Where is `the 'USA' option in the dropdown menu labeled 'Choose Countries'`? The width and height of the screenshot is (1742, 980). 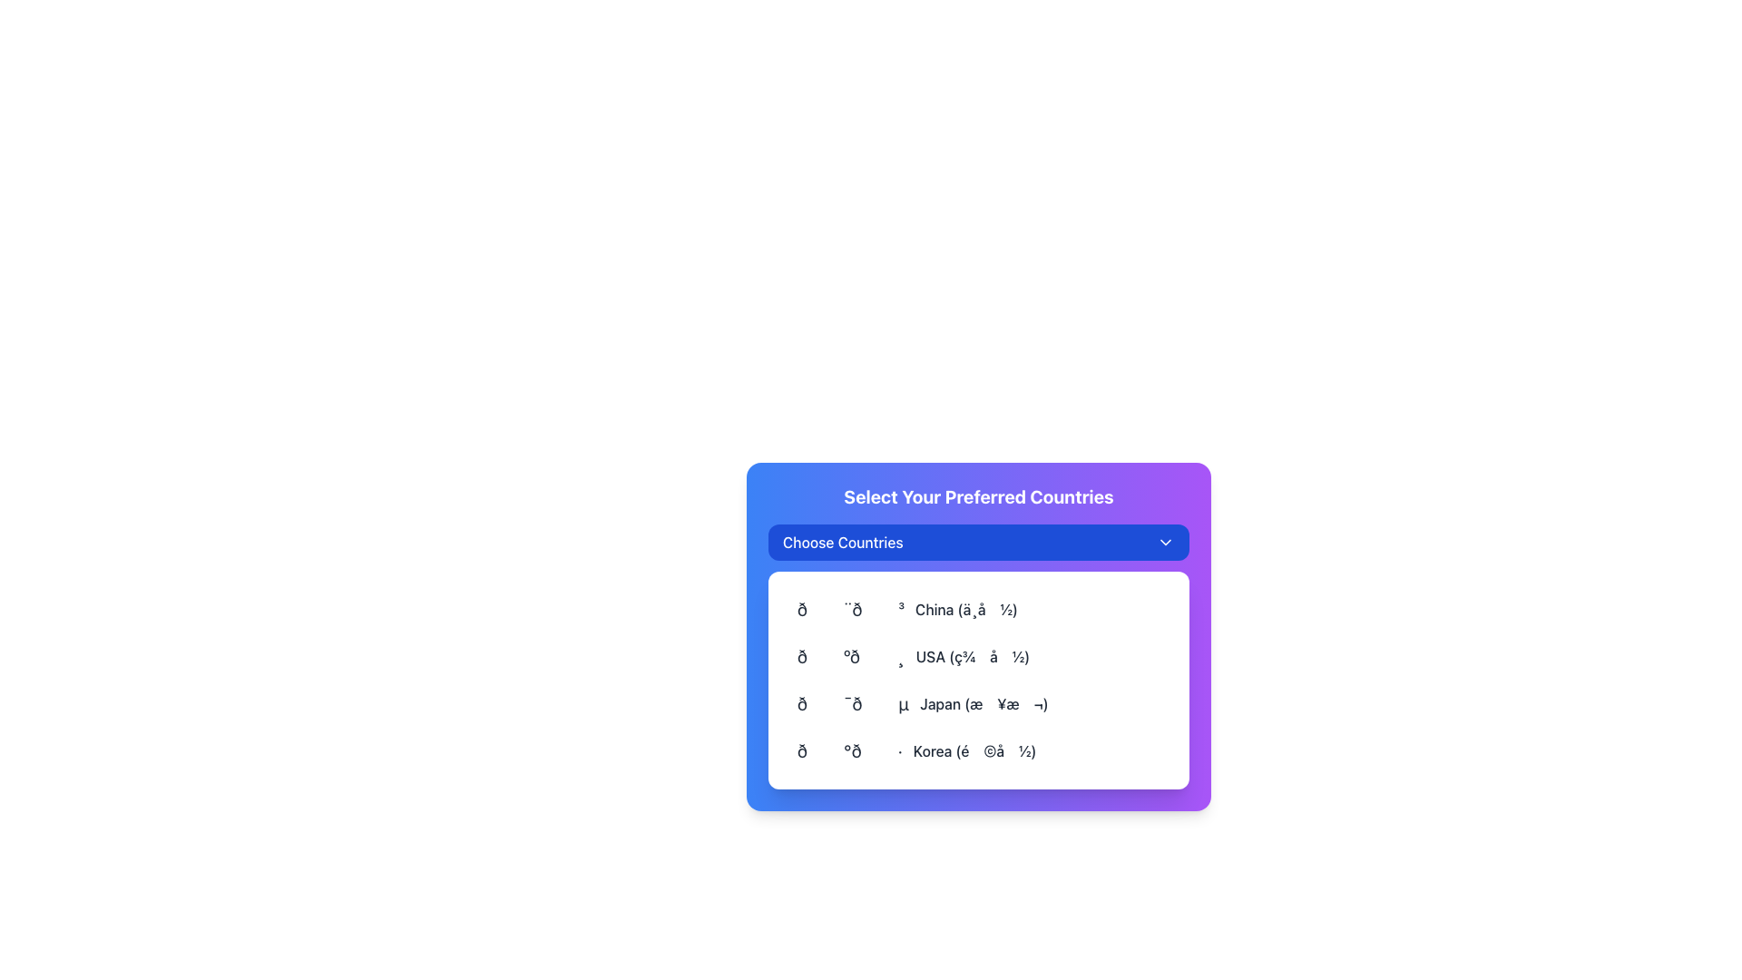 the 'USA' option in the dropdown menu labeled 'Choose Countries' is located at coordinates (978, 657).